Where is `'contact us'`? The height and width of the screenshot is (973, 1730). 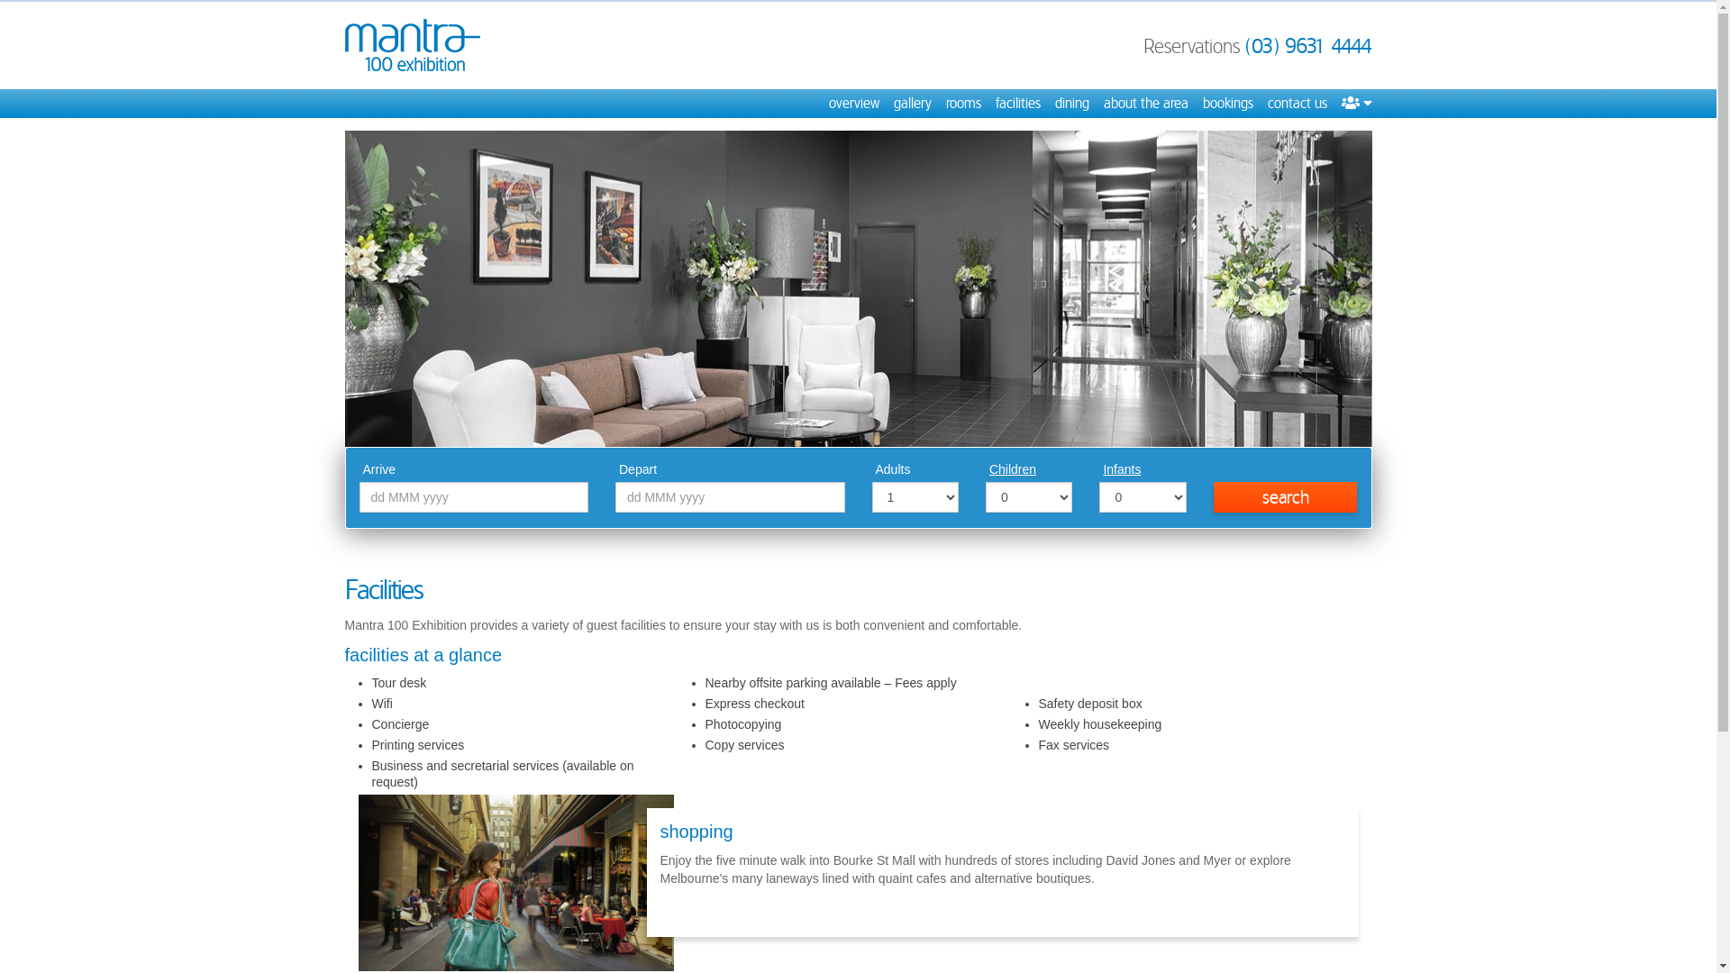
'contact us' is located at coordinates (1296, 104).